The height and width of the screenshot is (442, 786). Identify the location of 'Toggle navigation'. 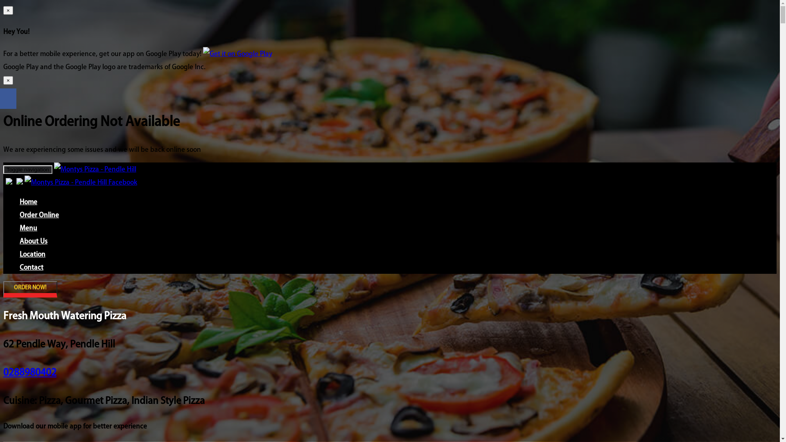
(27, 169).